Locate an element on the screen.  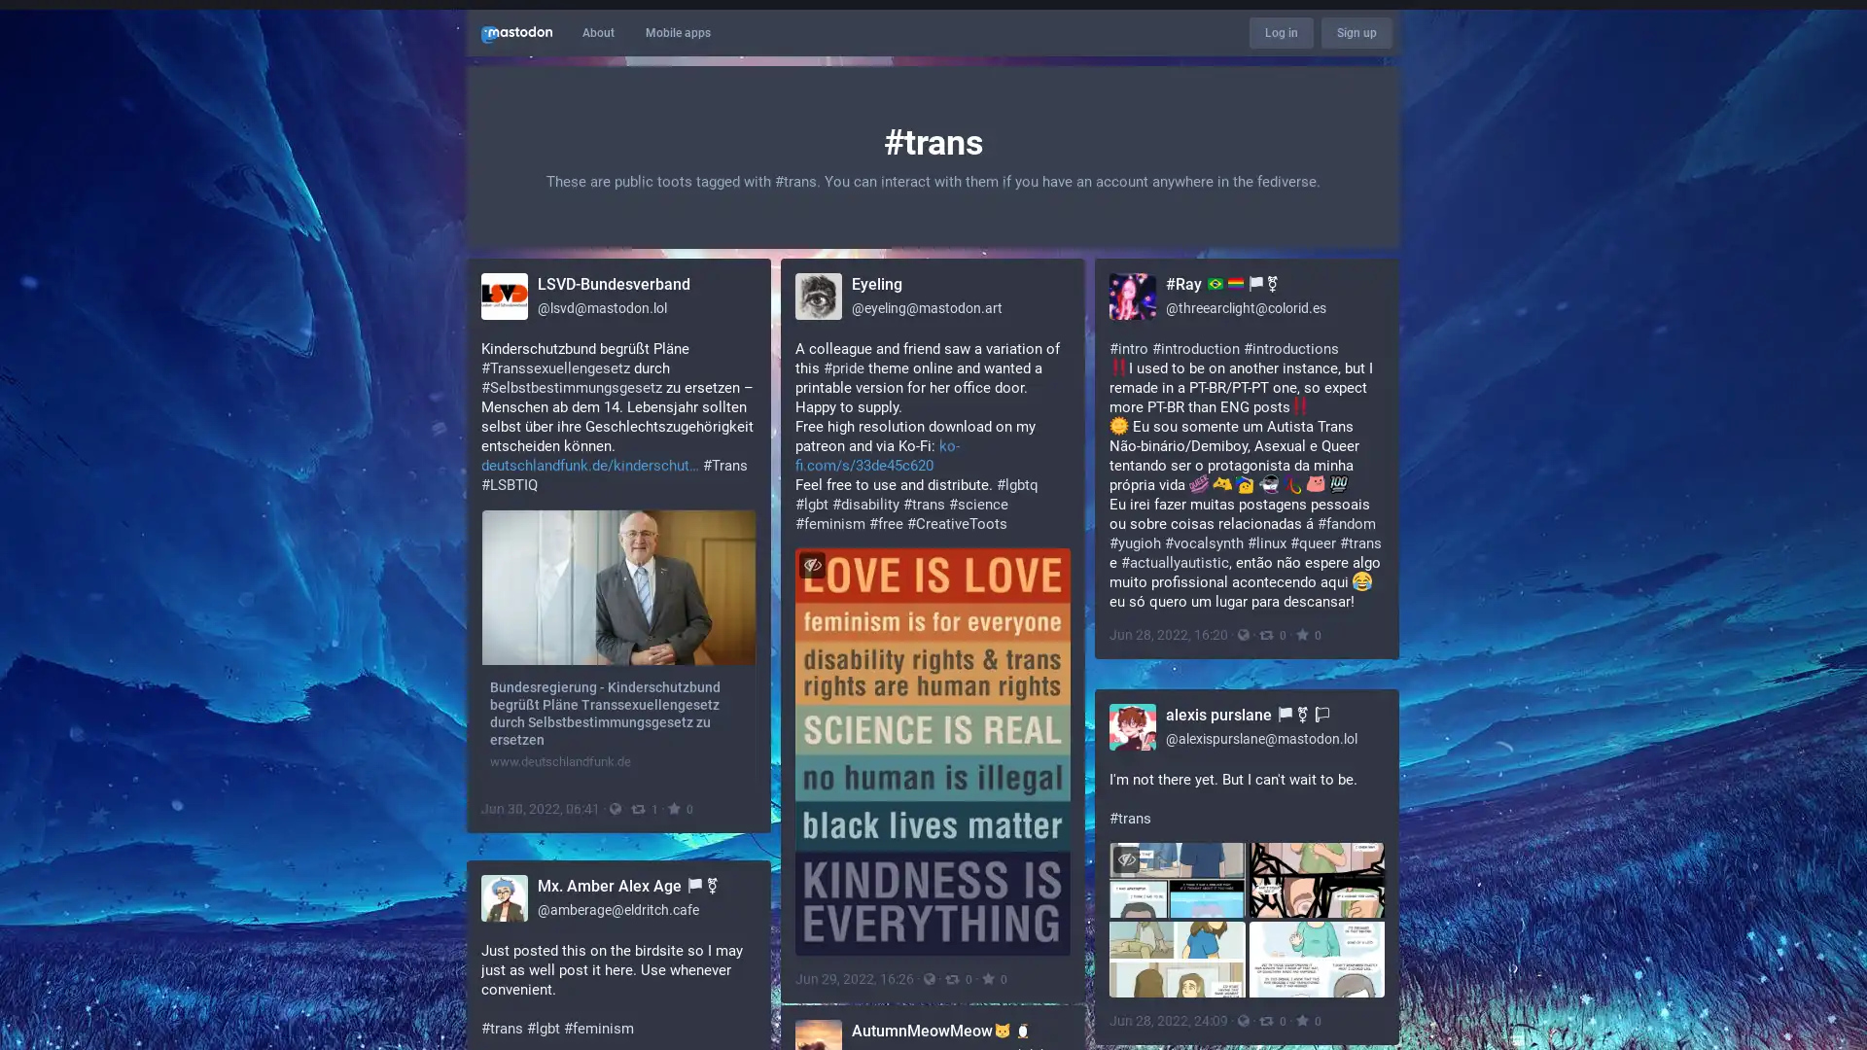
Hide image is located at coordinates (812, 564).